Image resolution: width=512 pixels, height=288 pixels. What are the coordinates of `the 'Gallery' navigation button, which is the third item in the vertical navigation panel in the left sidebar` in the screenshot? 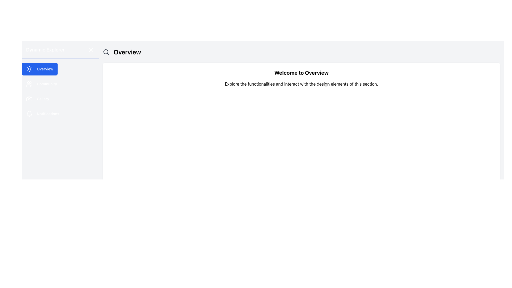 It's located at (37, 99).